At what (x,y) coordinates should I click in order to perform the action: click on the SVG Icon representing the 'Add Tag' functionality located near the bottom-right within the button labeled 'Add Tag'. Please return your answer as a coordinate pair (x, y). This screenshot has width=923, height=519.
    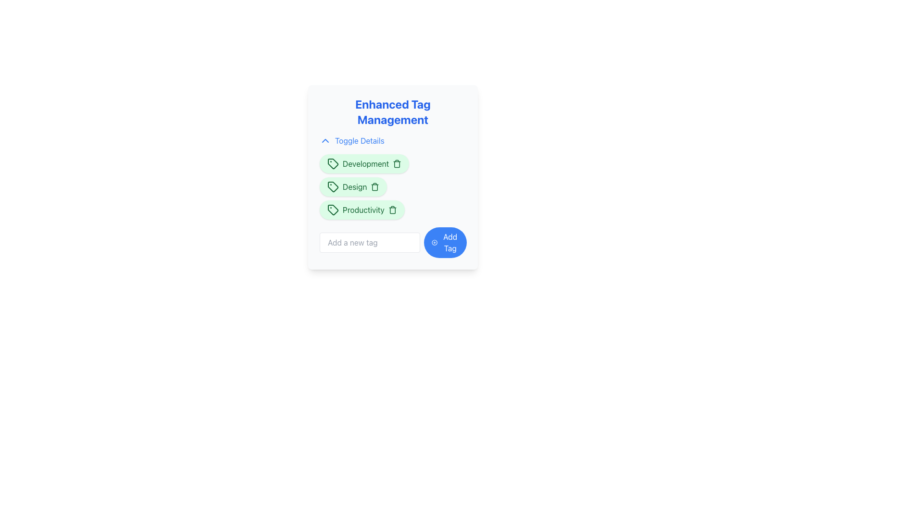
    Looking at the image, I should click on (434, 242).